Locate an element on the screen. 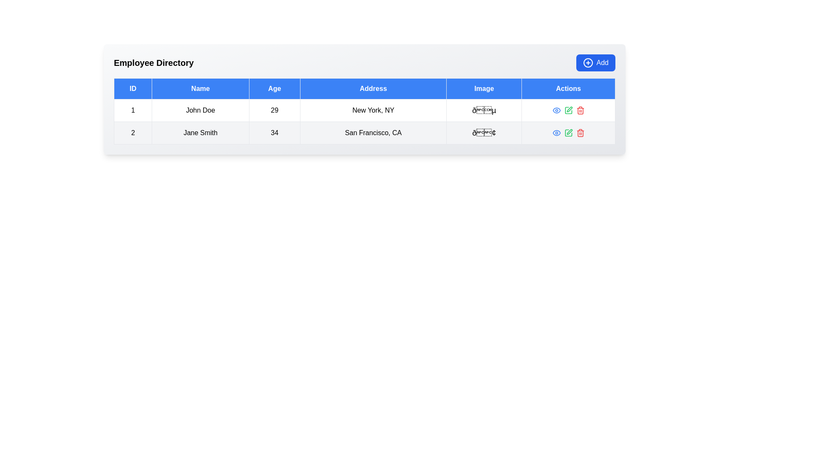  the table header row that labels the columns 'ID', 'Name', 'Age', 'Address', 'Image', and 'Actions' is located at coordinates (365, 88).